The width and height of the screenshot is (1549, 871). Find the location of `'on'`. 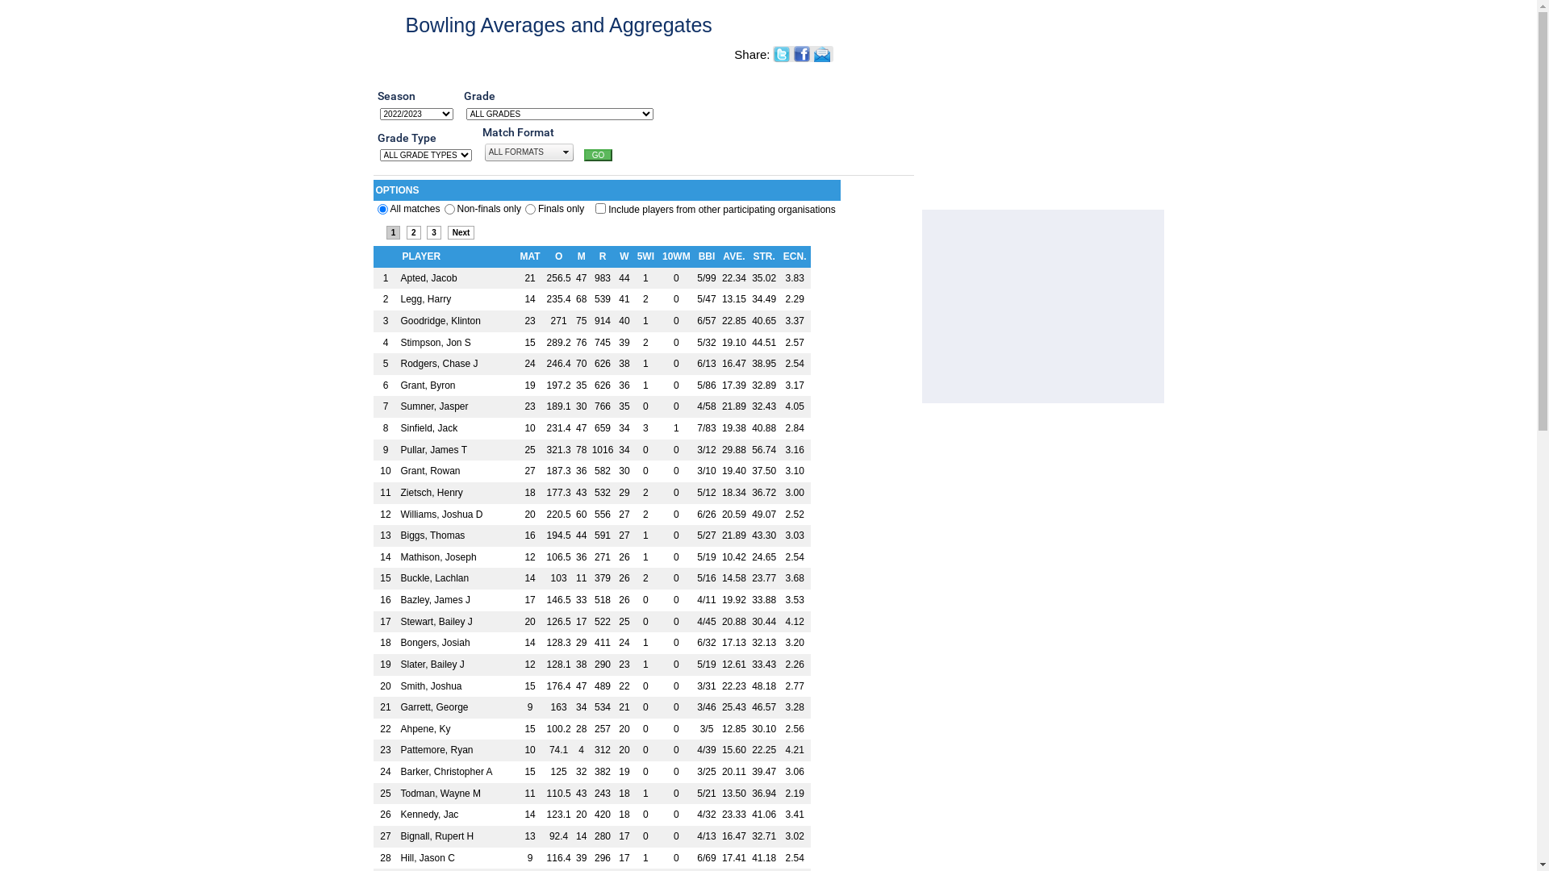

'on' is located at coordinates (599, 207).